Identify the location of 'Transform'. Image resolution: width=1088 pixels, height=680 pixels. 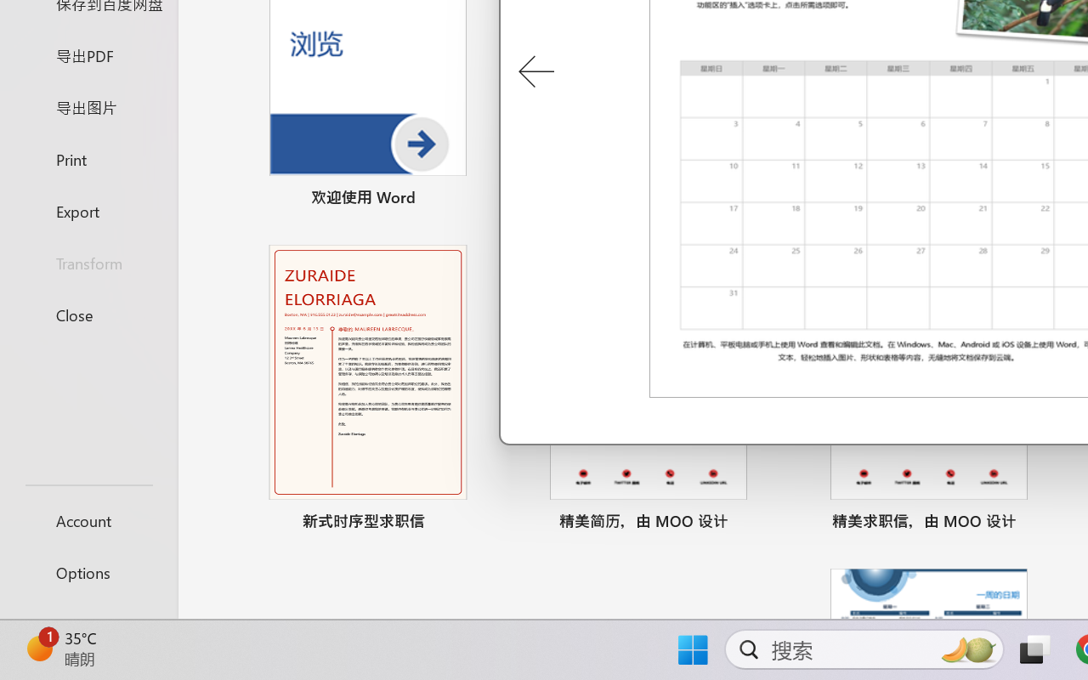
(88, 262).